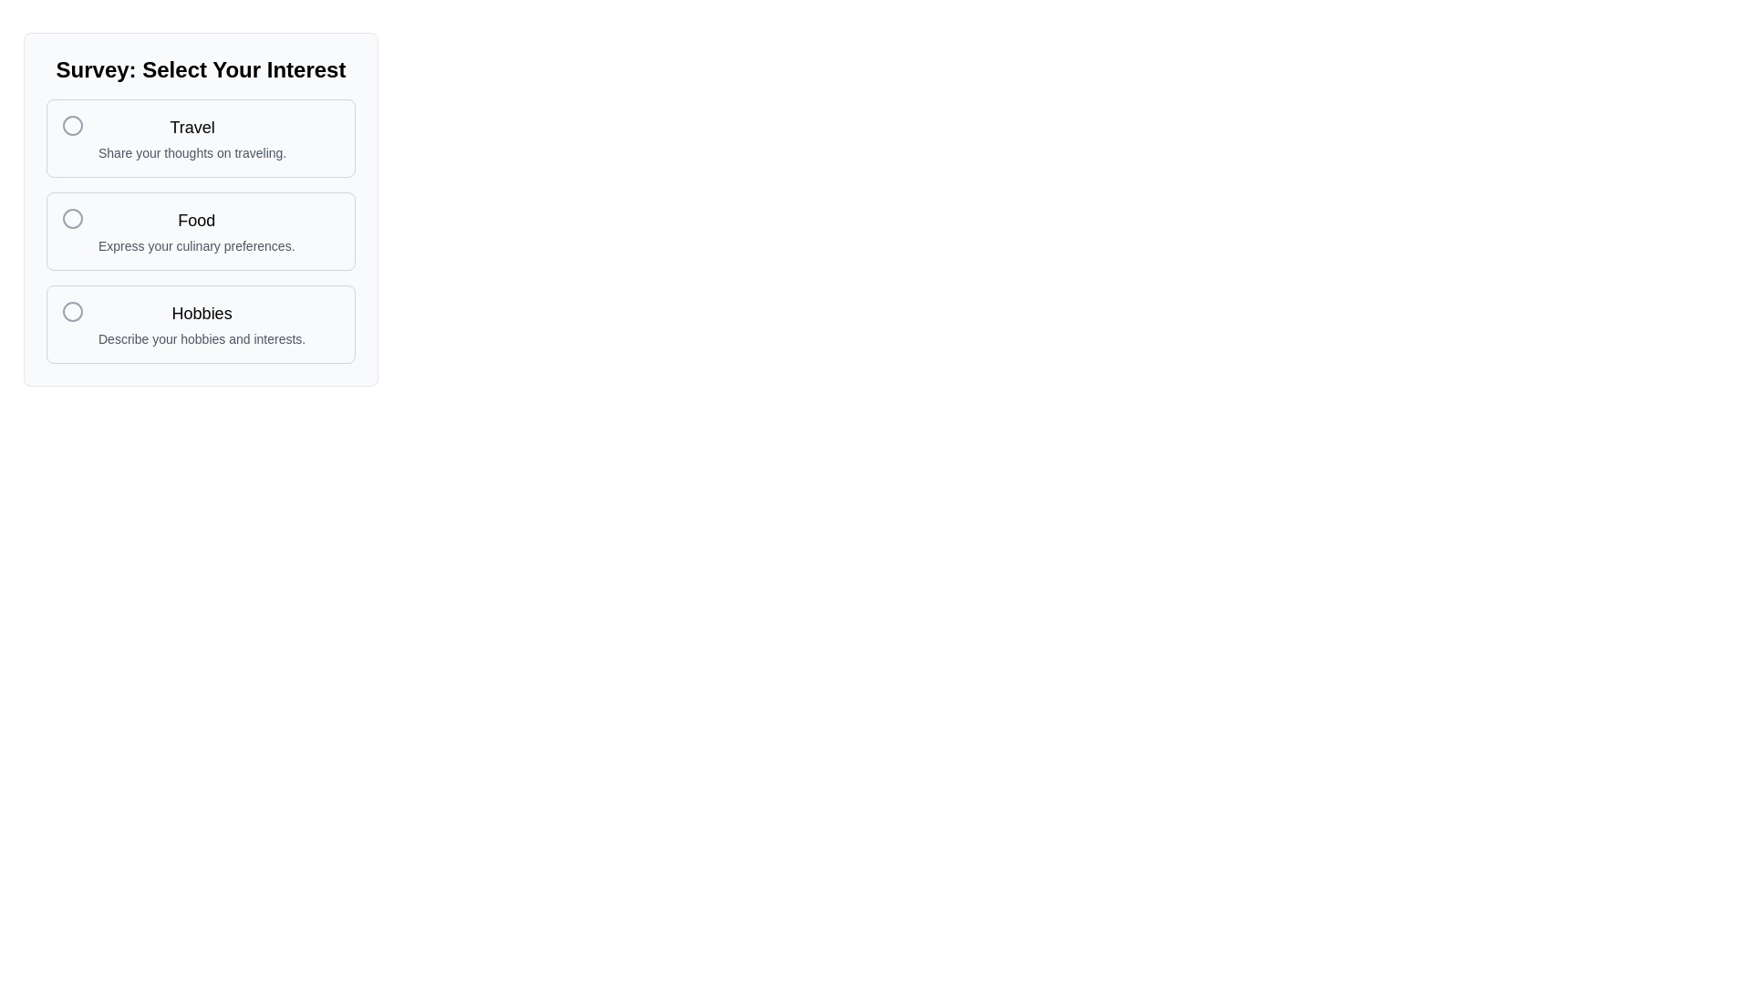  What do you see at coordinates (201, 231) in the screenshot?
I see `the second list item option for food` at bounding box center [201, 231].